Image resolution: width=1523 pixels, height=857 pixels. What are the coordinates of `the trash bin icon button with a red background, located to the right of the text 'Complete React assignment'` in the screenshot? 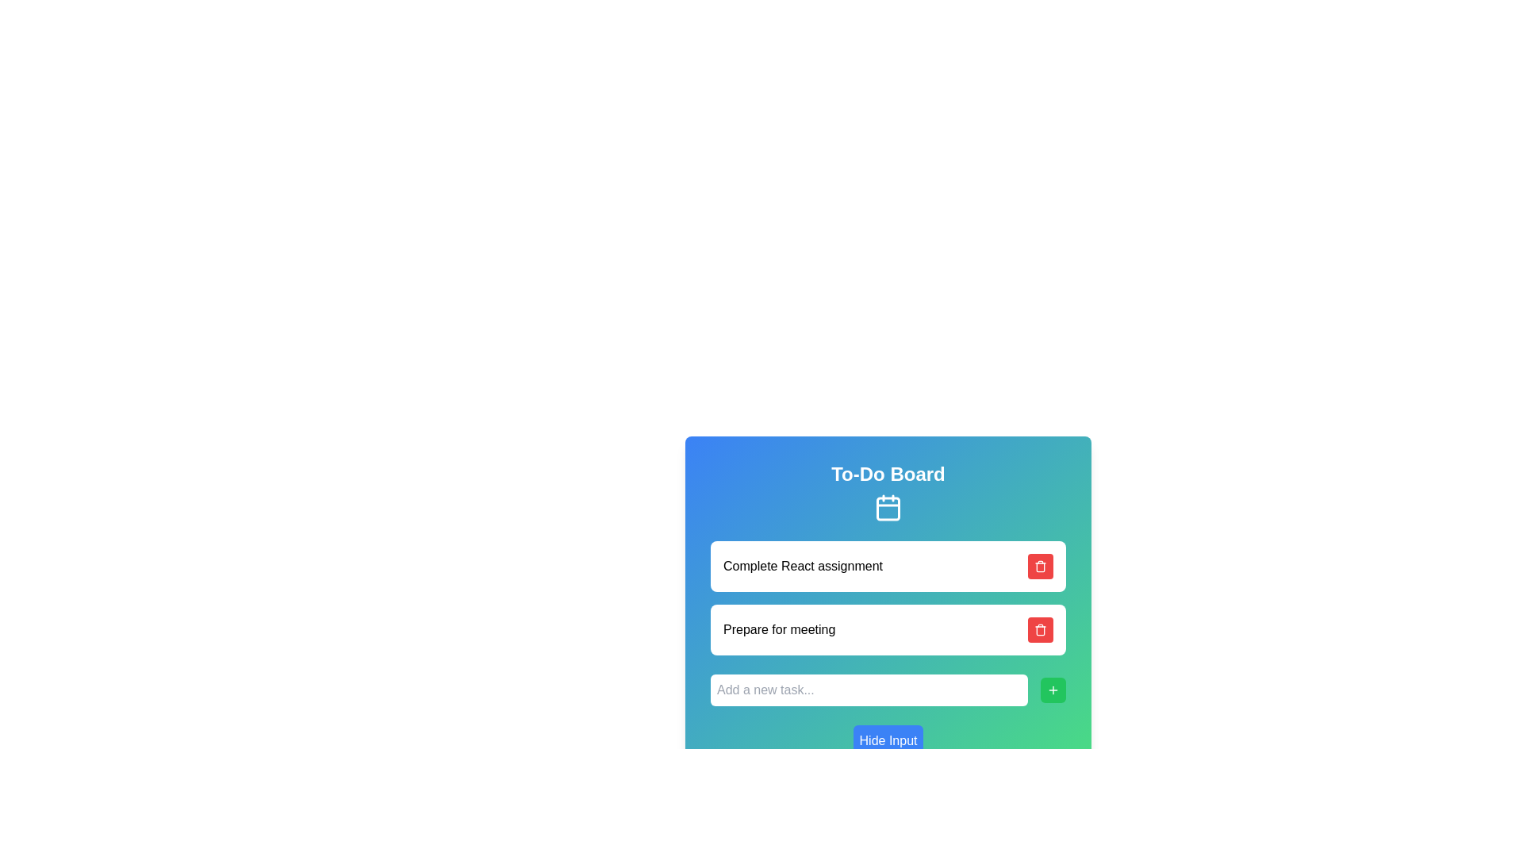 It's located at (1040, 565).